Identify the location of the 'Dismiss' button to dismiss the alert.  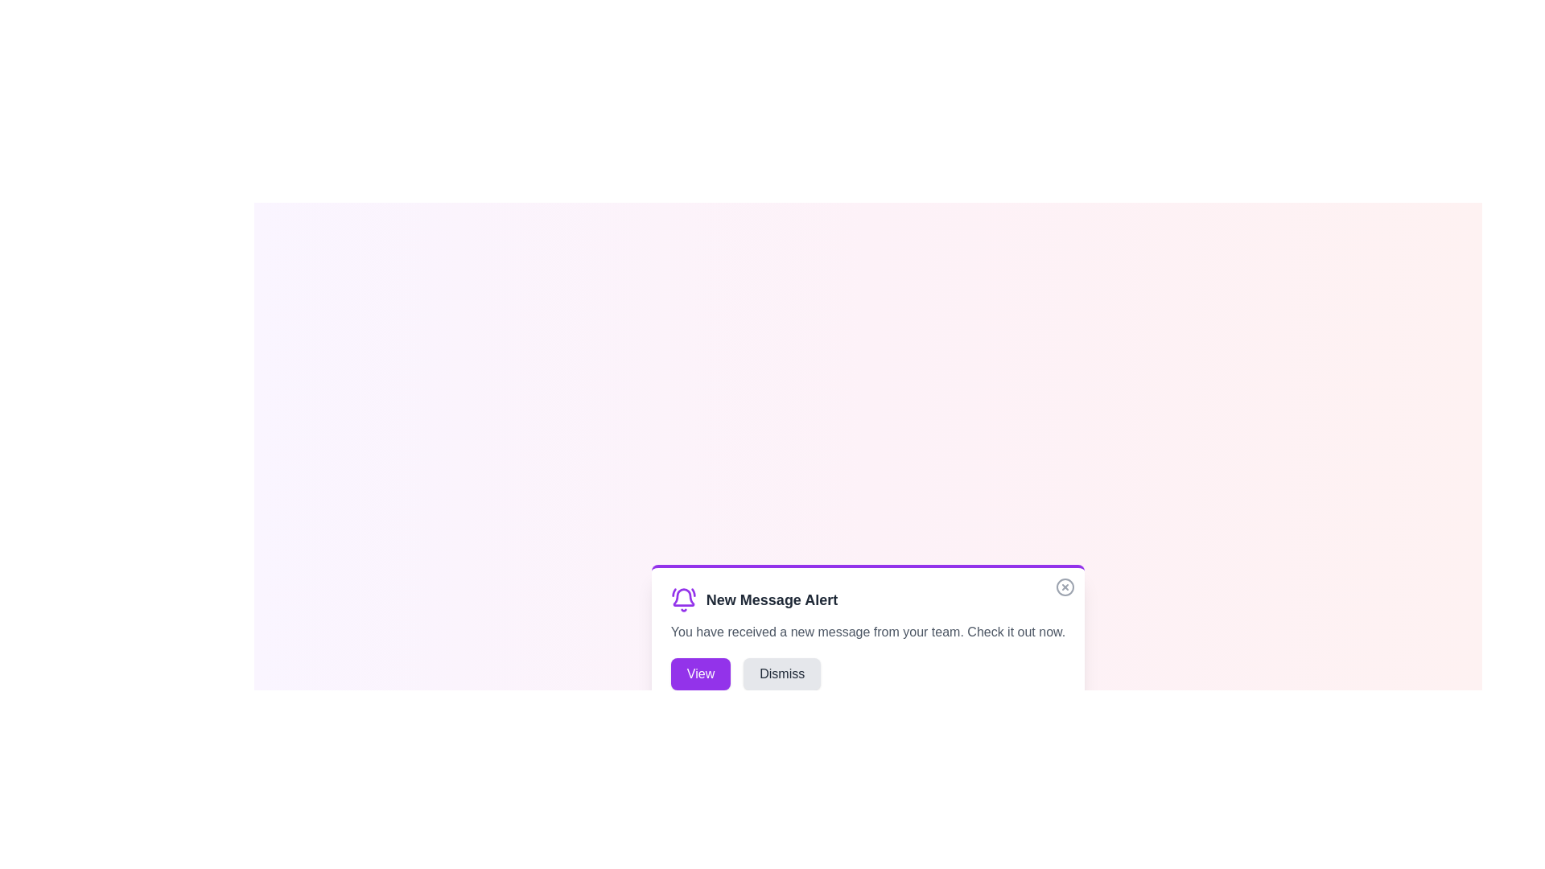
(781, 673).